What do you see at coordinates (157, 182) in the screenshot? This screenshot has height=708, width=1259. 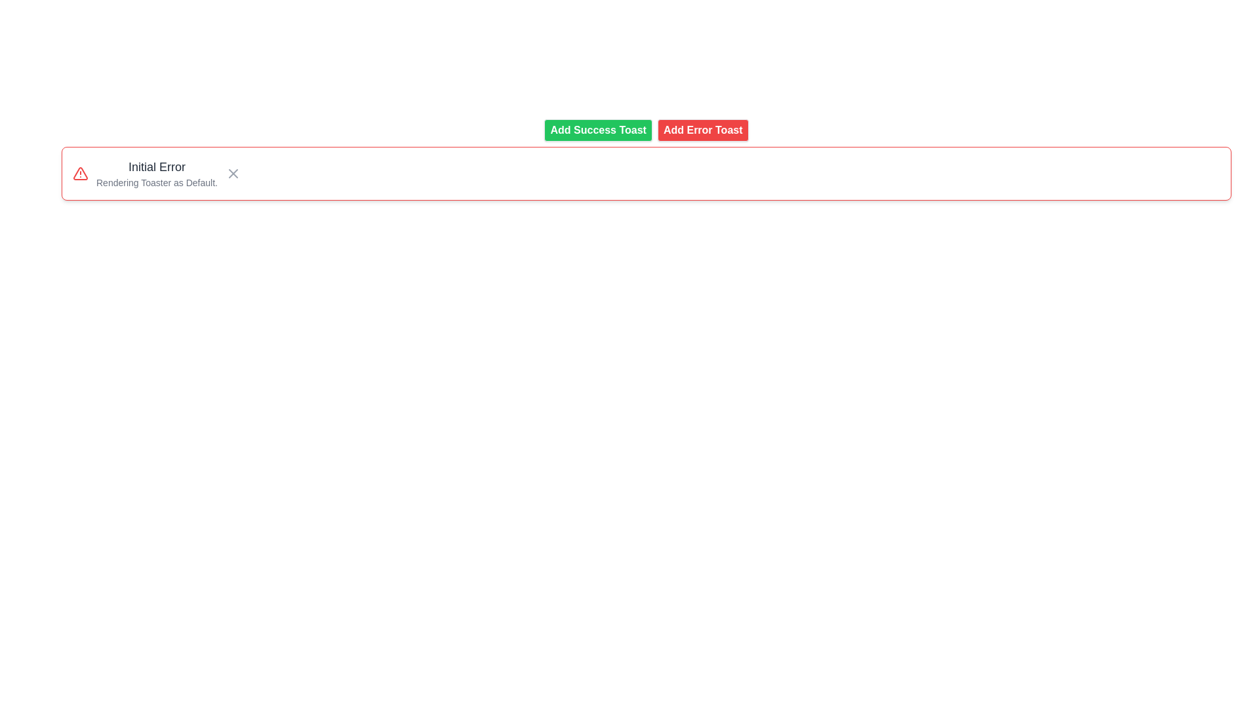 I see `the additional information text element that provides context about the error message, positioned beneath the 'Initial Error' text` at bounding box center [157, 182].